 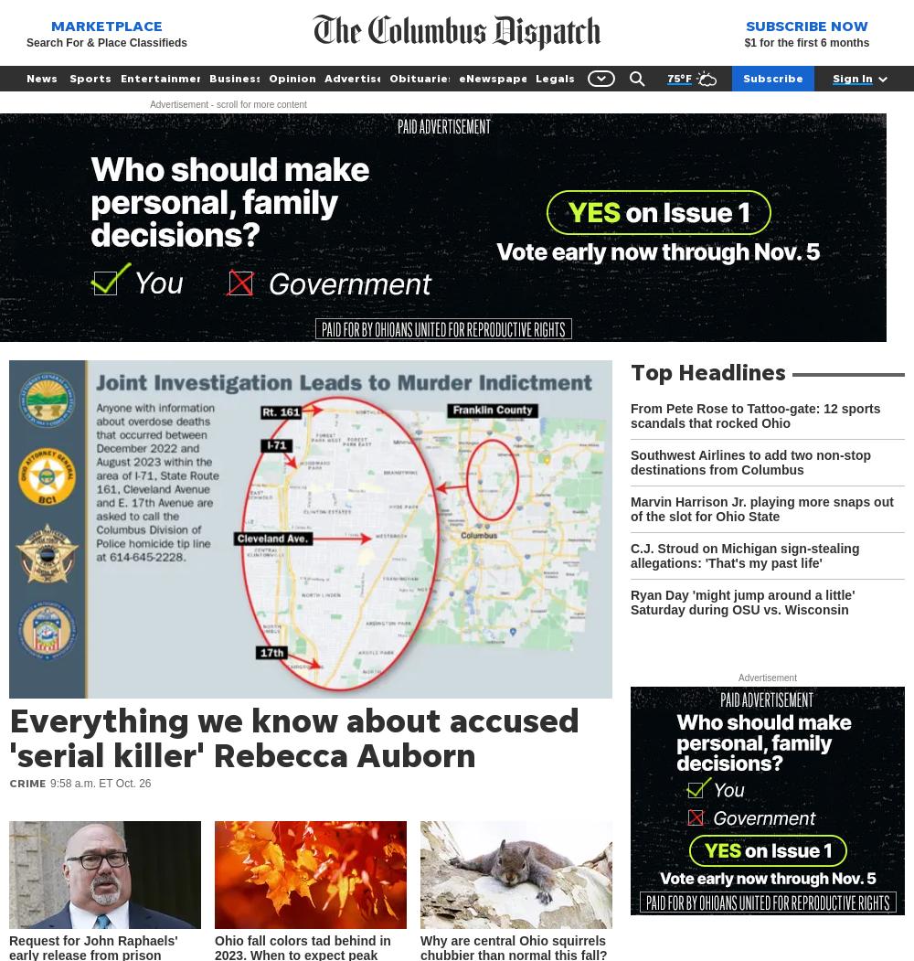 What do you see at coordinates (495, 78) in the screenshot?
I see `'eNewspaper'` at bounding box center [495, 78].